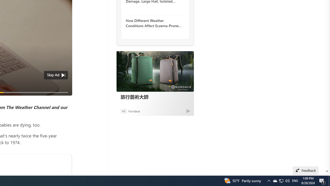 This screenshot has width=330, height=186. What do you see at coordinates (153, 23) in the screenshot?
I see `'How Different Weather Conditions Affect Eczema-Prone Skin'` at bounding box center [153, 23].